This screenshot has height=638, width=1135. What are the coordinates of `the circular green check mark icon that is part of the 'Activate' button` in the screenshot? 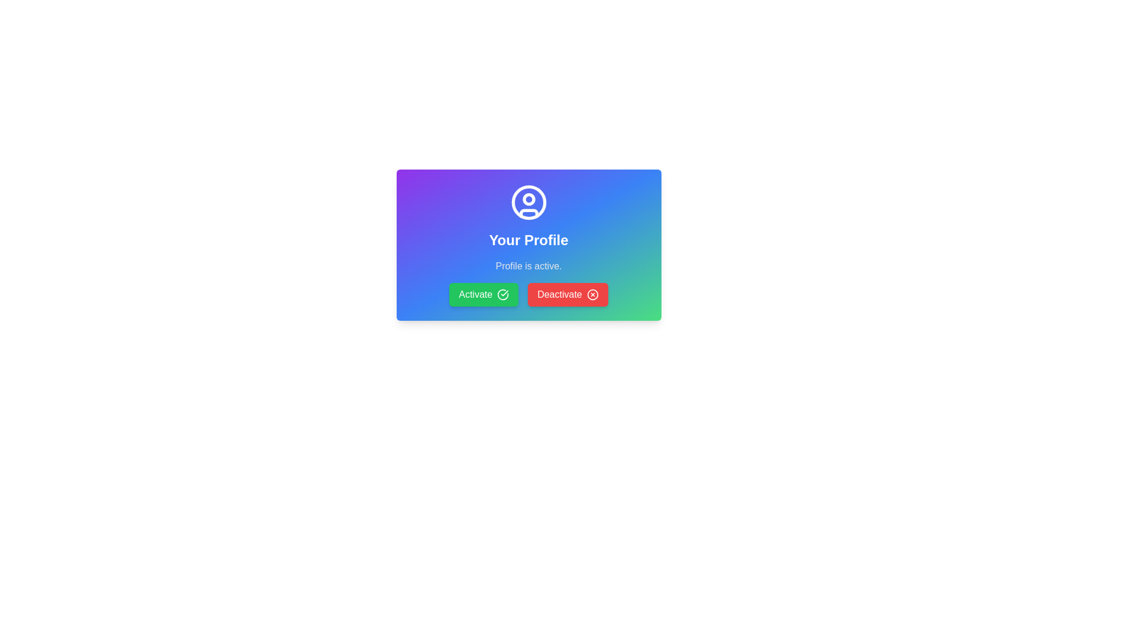 It's located at (503, 294).